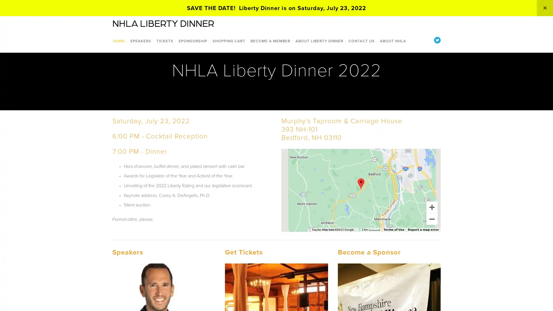 The width and height of the screenshot is (553, 311). What do you see at coordinates (321, 229) in the screenshot?
I see `Keyboard shortcuts` at bounding box center [321, 229].